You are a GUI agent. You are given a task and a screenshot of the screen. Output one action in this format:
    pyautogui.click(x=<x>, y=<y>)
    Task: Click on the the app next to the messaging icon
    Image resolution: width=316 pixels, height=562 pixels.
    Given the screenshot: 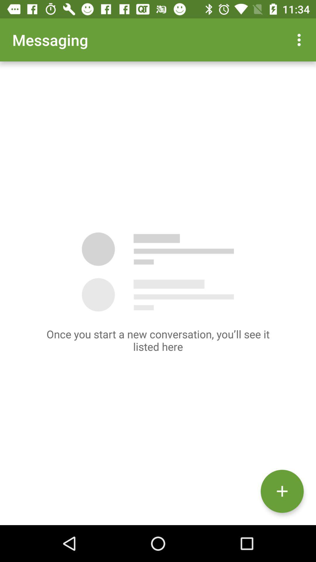 What is the action you would take?
    pyautogui.click(x=300, y=40)
    